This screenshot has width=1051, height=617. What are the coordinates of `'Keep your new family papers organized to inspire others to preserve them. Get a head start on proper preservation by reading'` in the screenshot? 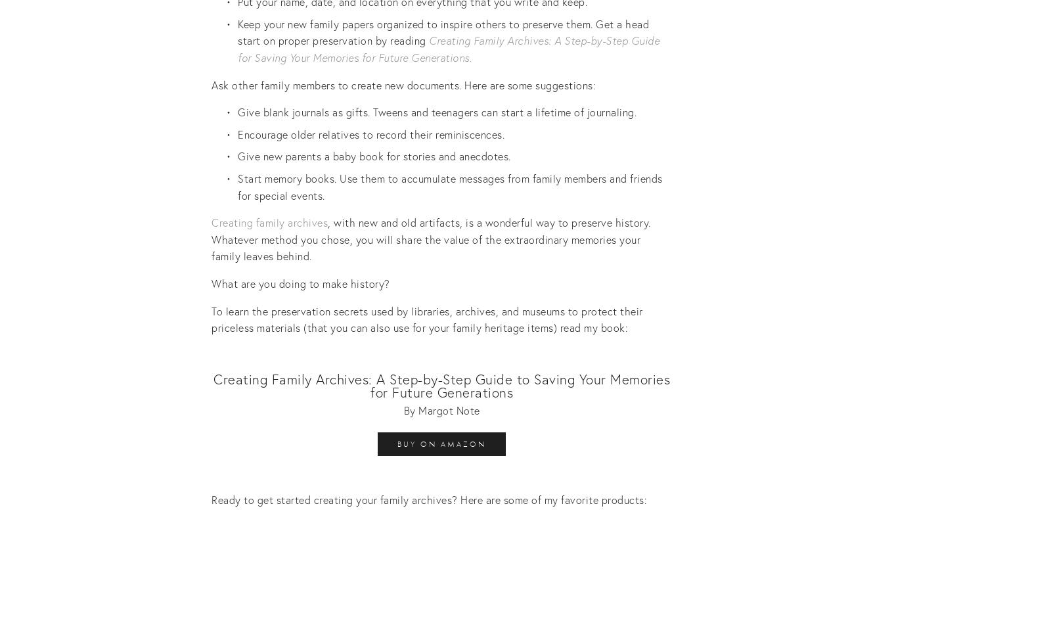 It's located at (238, 31).